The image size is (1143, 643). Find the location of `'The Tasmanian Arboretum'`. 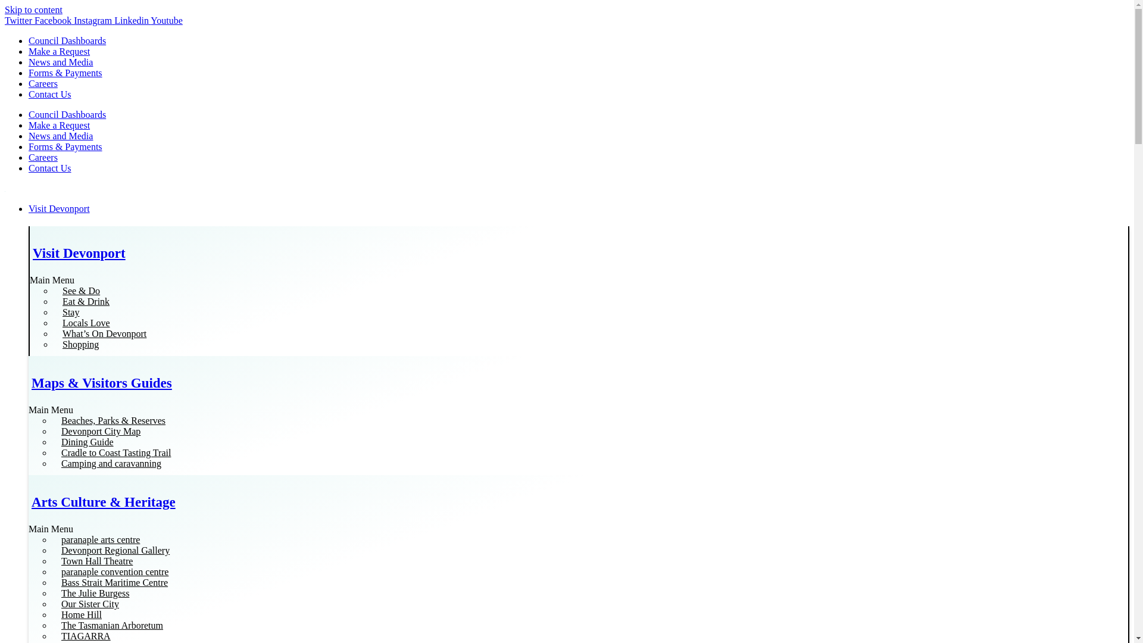

'The Tasmanian Arboretum' is located at coordinates (51, 625).